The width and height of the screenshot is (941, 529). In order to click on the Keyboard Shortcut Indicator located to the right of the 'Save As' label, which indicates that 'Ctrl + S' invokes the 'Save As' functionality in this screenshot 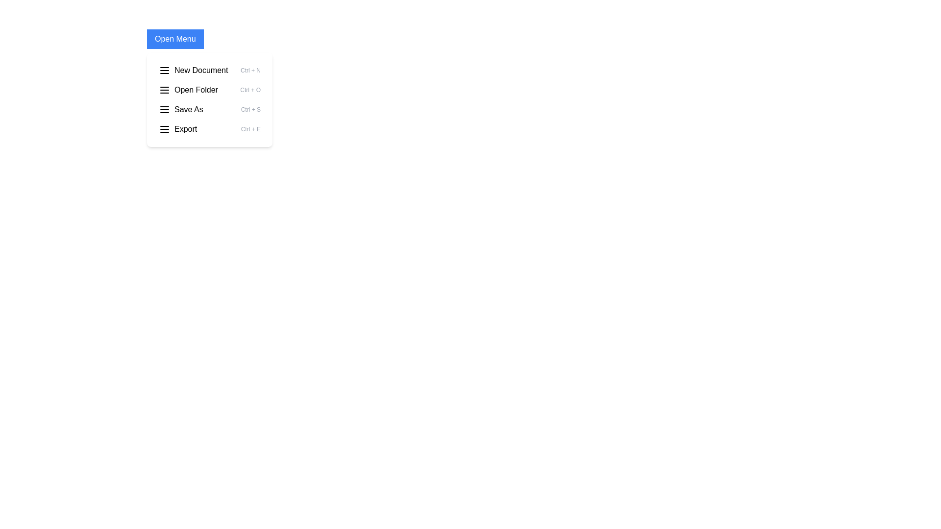, I will do `click(250, 109)`.